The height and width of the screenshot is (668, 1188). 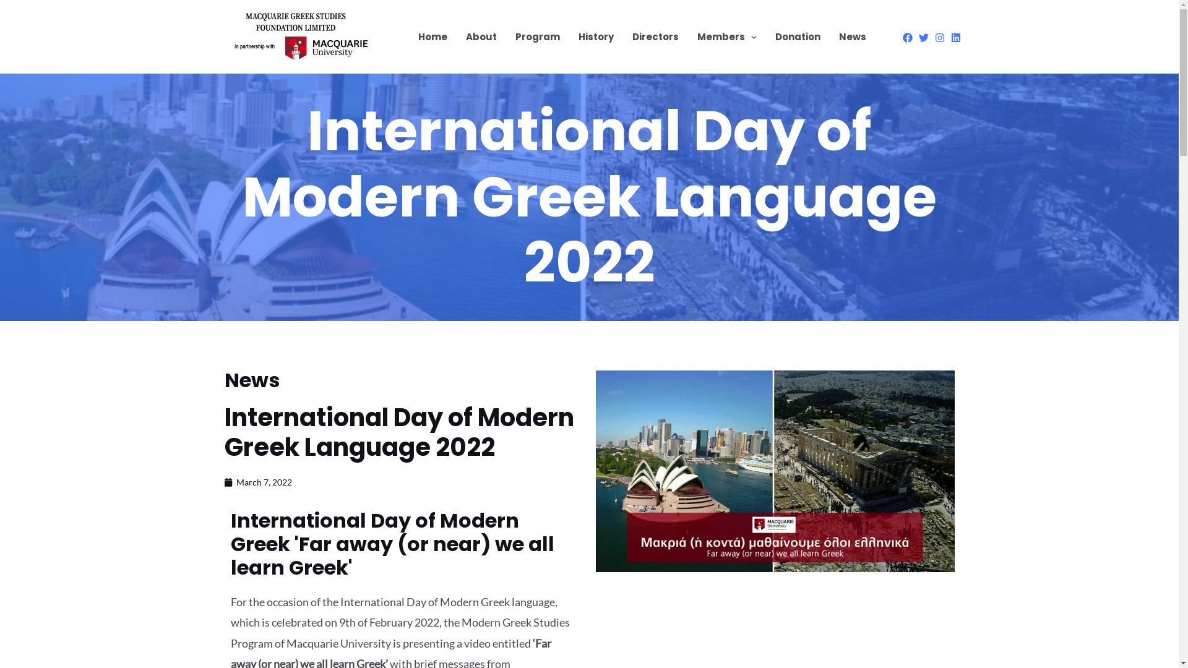 What do you see at coordinates (432, 36) in the screenshot?
I see `'Home'` at bounding box center [432, 36].